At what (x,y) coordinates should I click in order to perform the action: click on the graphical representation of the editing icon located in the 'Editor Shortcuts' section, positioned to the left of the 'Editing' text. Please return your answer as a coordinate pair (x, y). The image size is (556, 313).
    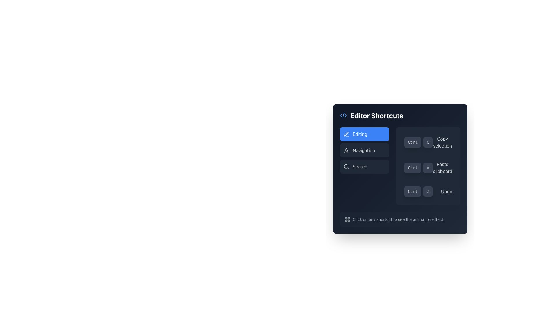
    Looking at the image, I should click on (346, 134).